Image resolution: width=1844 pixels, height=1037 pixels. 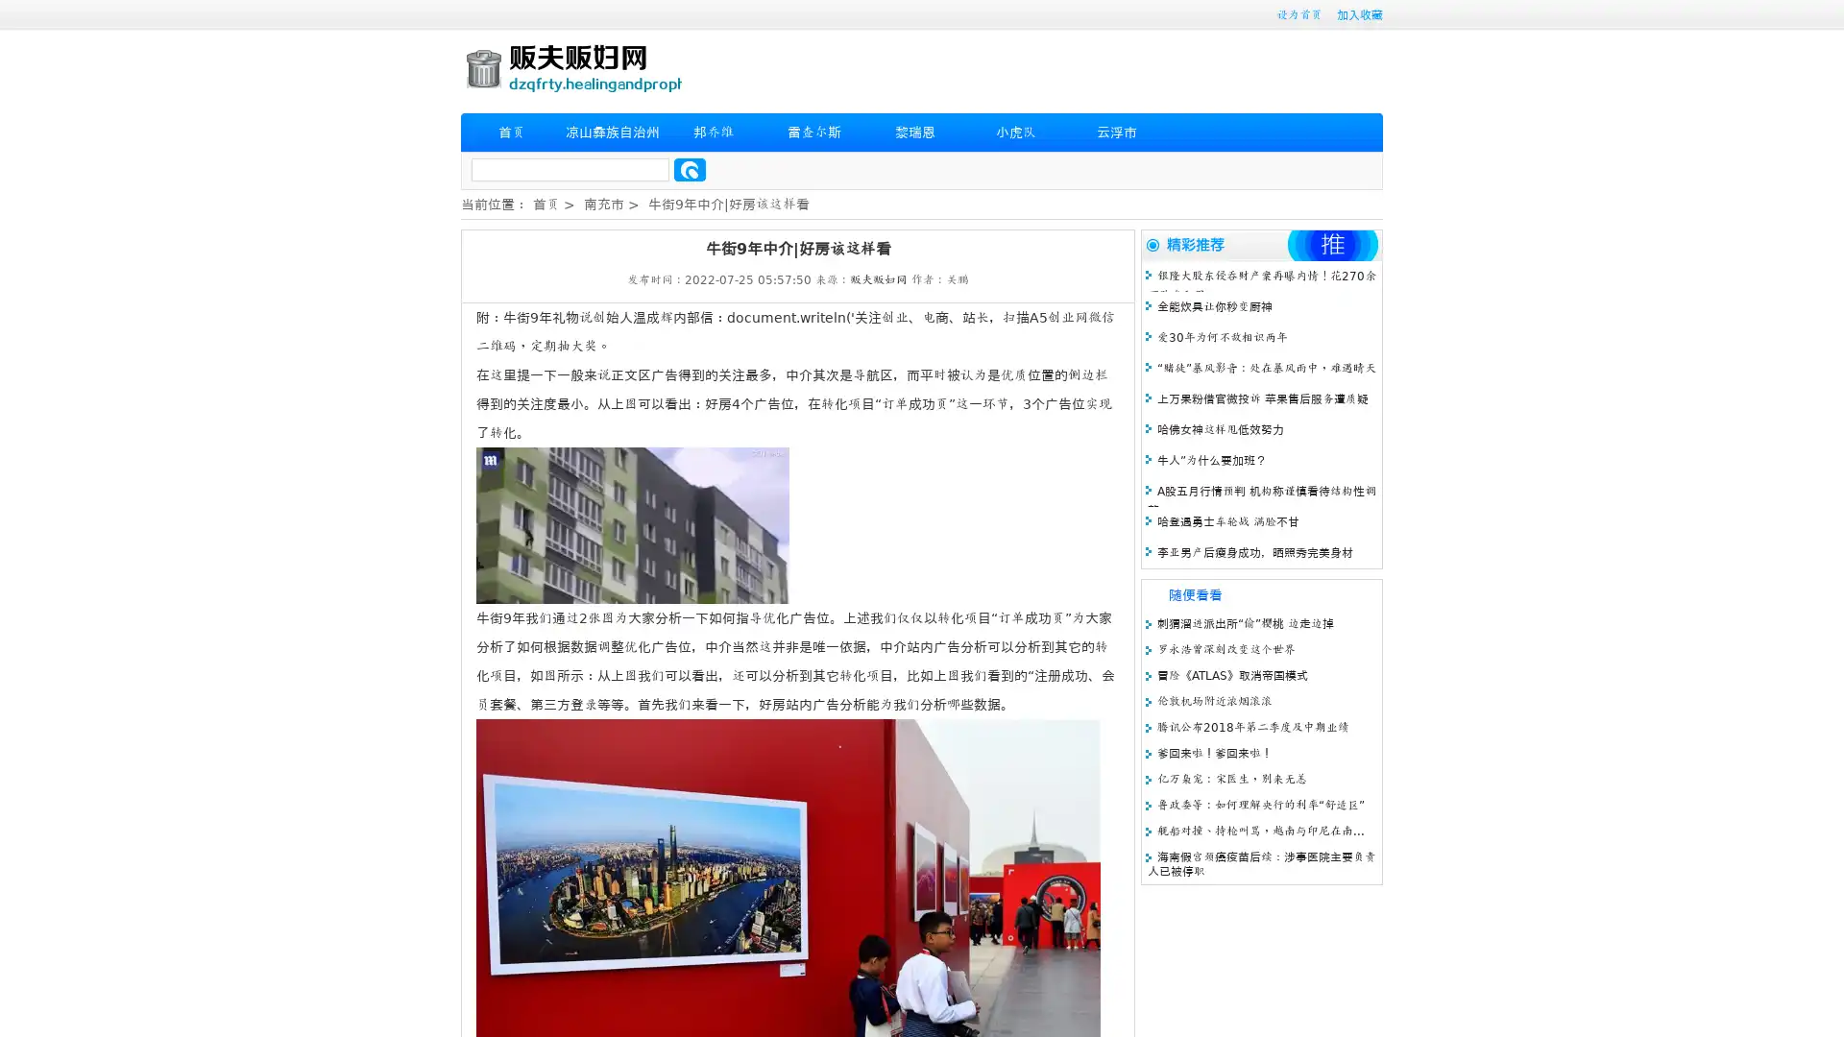 I want to click on Search, so click(x=690, y=169).